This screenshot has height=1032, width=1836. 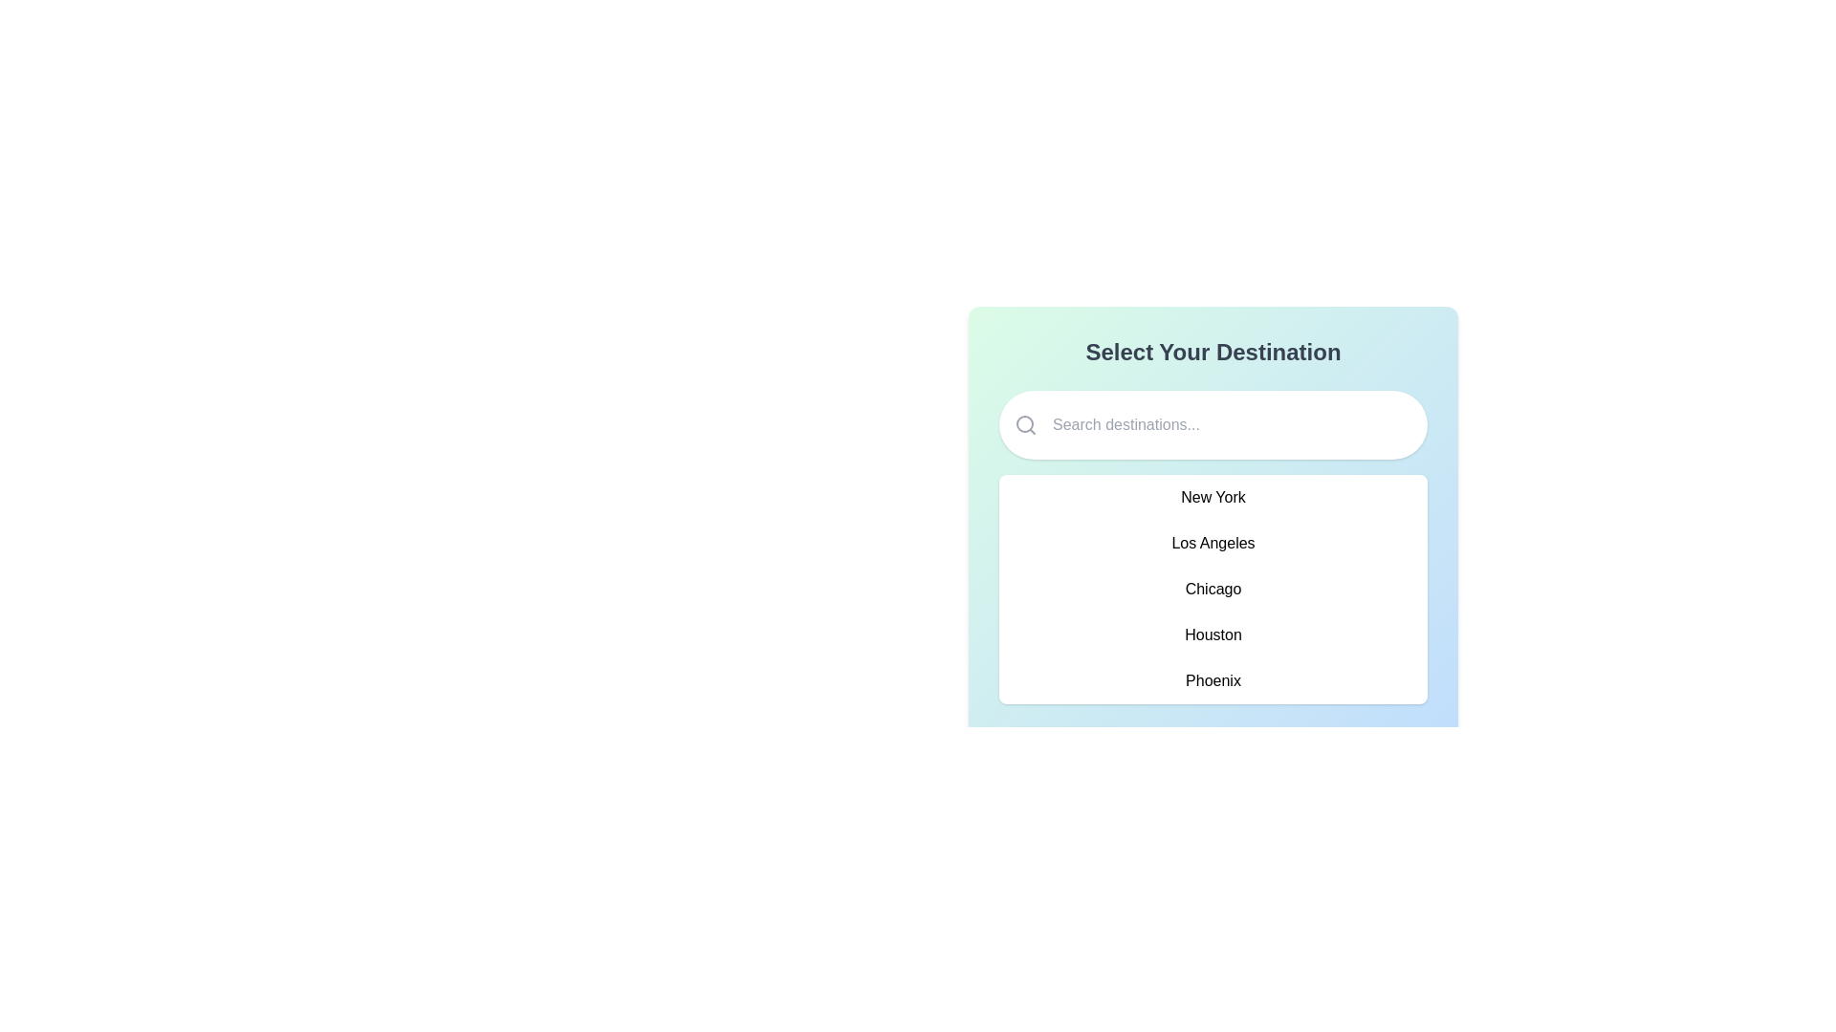 I want to click on the 'Los Angeles' option in the list of destinations, so click(x=1212, y=544).